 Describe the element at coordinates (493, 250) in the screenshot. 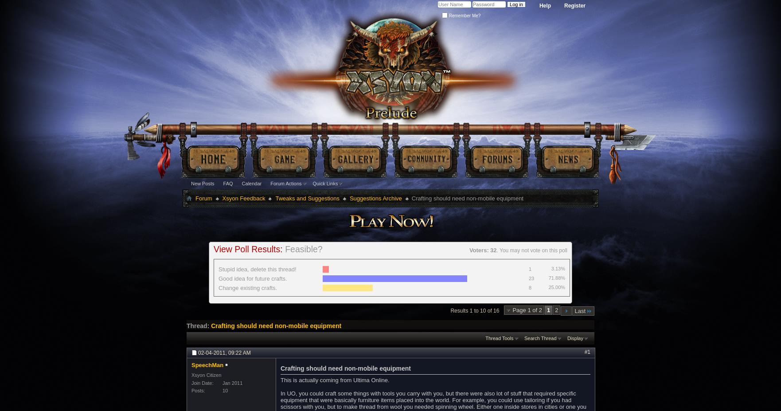

I see `'32'` at that location.